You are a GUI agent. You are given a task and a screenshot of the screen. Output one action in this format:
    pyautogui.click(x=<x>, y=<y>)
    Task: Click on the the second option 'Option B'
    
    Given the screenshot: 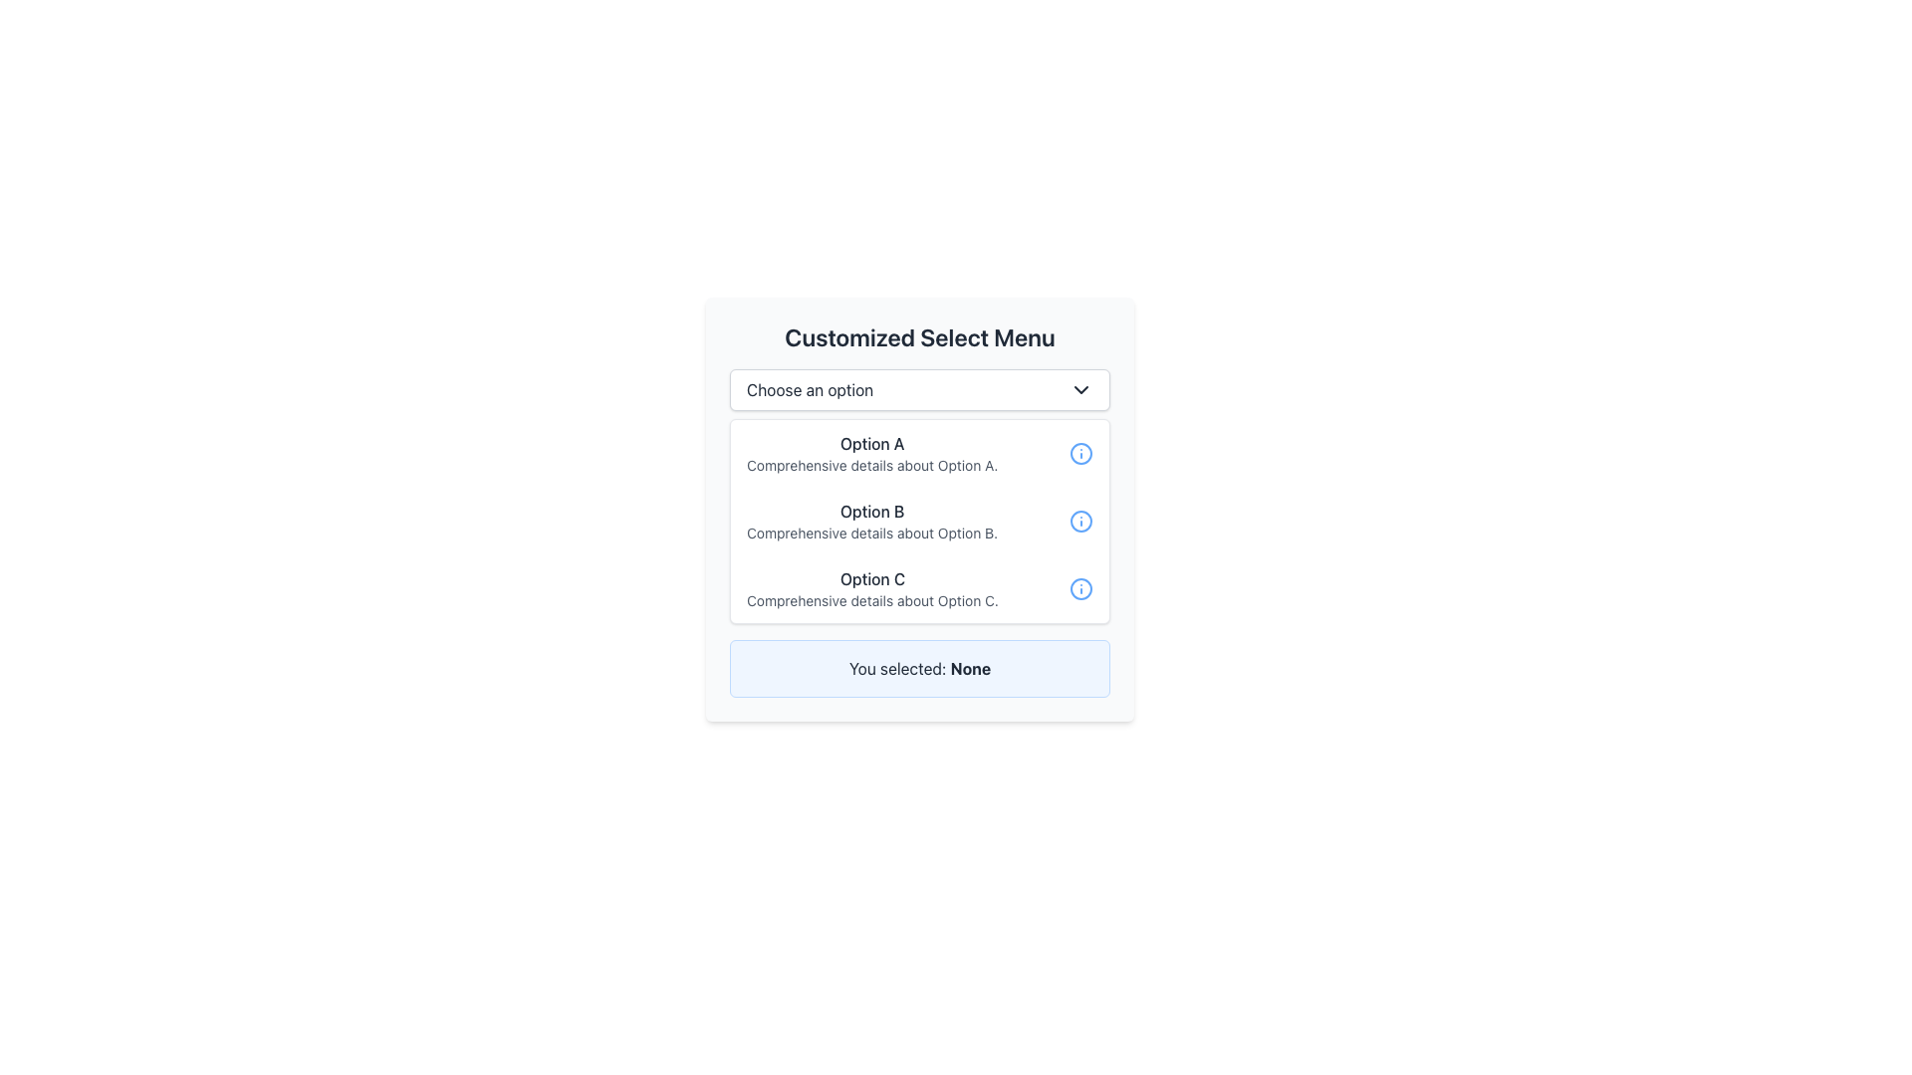 What is the action you would take?
    pyautogui.click(x=919, y=521)
    